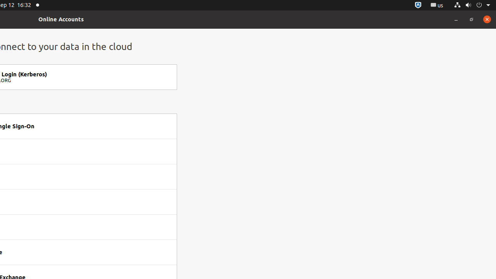  Describe the element at coordinates (471, 19) in the screenshot. I see `'Restore'` at that location.